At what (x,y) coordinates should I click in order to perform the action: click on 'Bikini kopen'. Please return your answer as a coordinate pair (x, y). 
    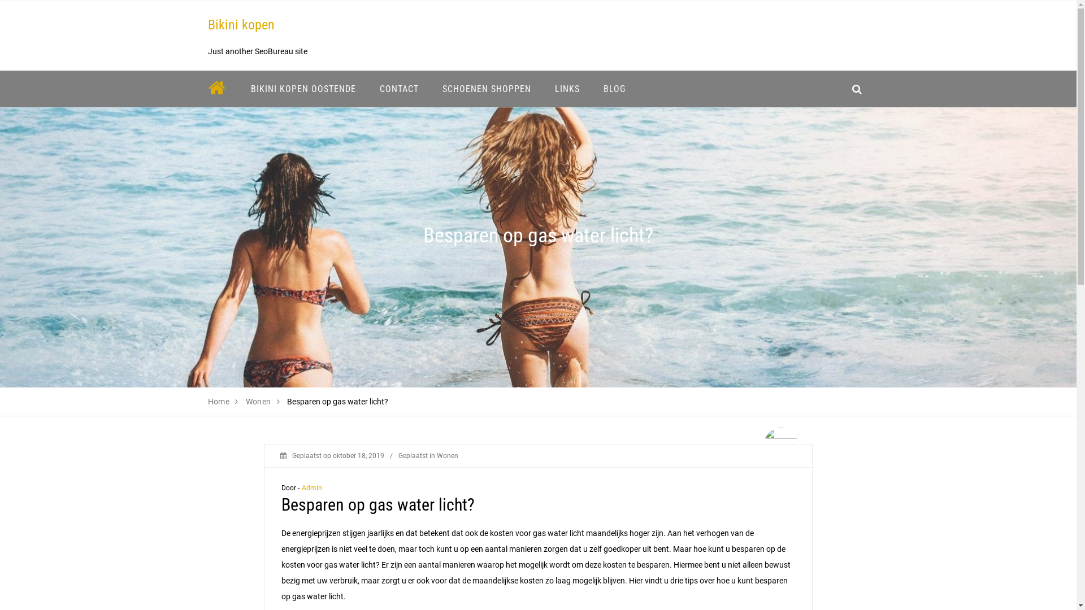
    Looking at the image, I should click on (241, 24).